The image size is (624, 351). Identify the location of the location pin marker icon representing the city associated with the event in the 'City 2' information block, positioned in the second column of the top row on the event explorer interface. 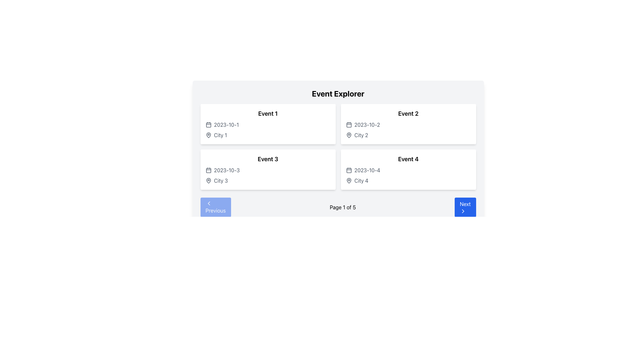
(348, 135).